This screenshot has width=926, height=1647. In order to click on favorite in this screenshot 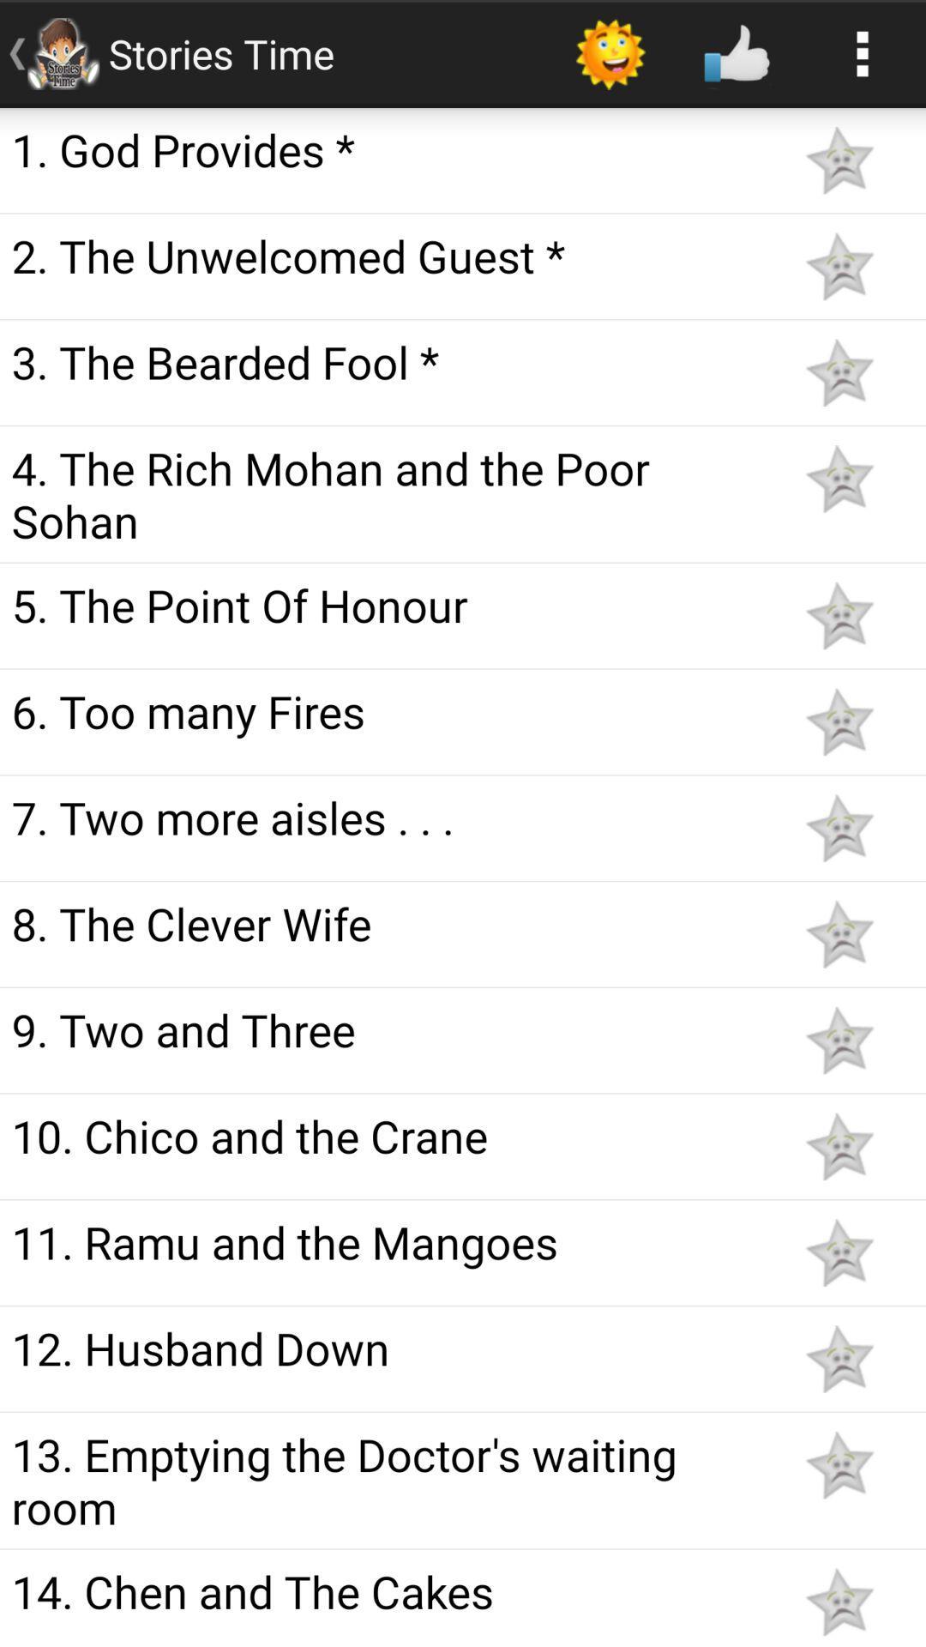, I will do `click(839, 828)`.